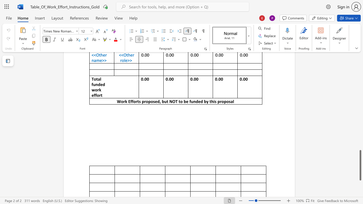  I want to click on the right-hand scrollbar to ascend the page, so click(360, 124).